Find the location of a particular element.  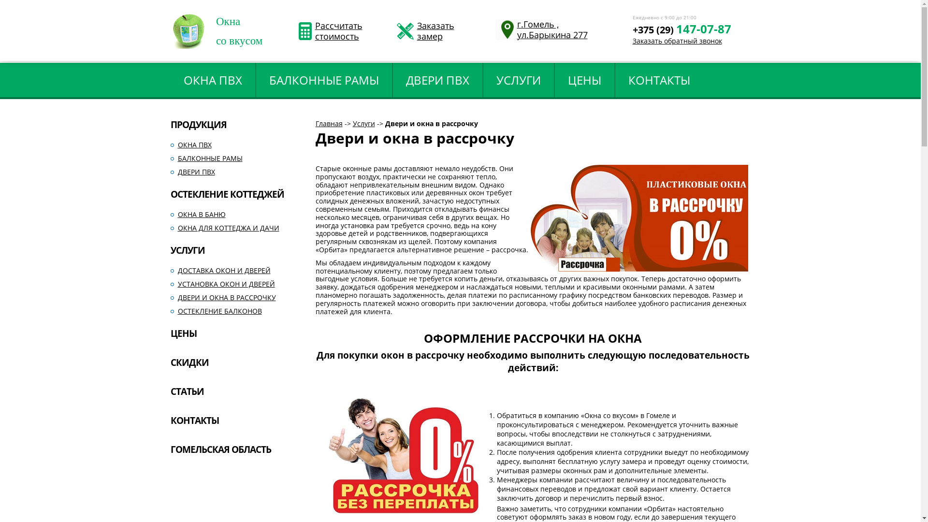

'+375 (29) 147-07-87' is located at coordinates (681, 37).